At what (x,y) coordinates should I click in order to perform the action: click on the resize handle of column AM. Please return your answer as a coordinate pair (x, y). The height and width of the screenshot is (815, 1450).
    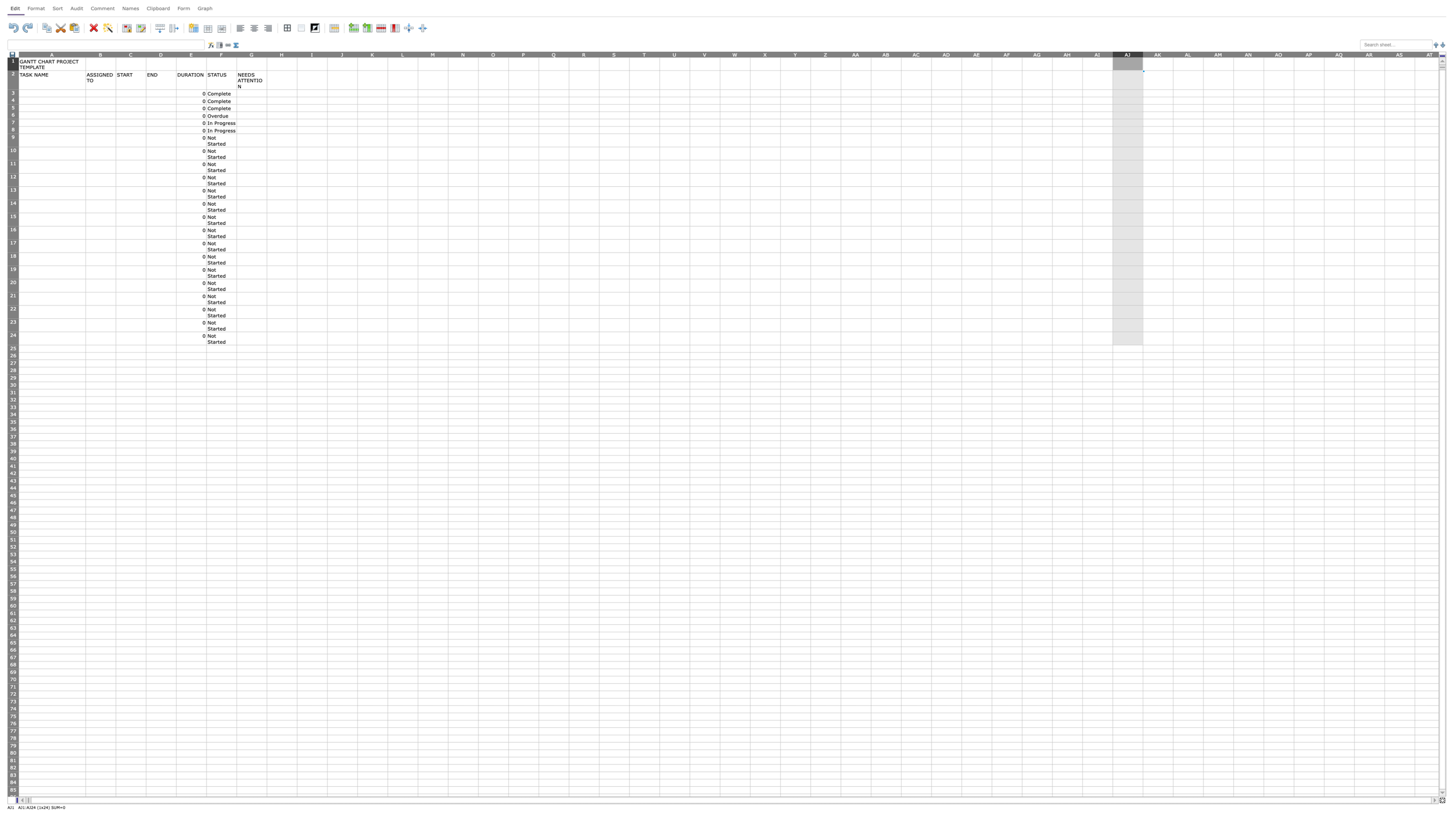
    Looking at the image, I should click on (1233, 53).